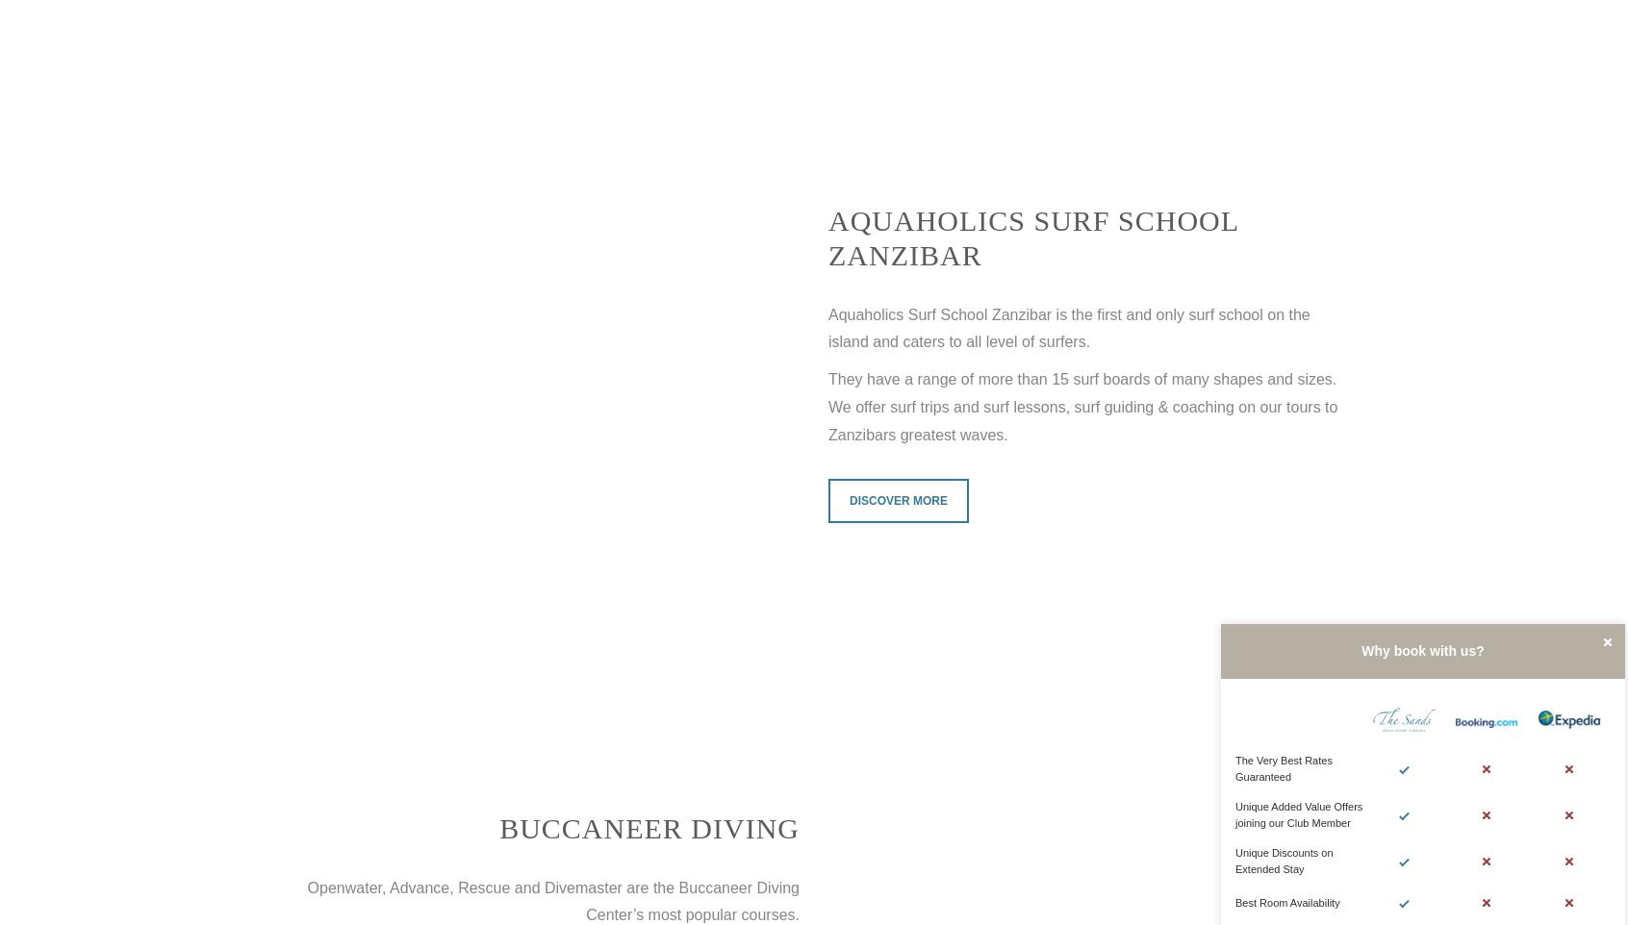 This screenshot has height=925, width=1628. What do you see at coordinates (898, 498) in the screenshot?
I see `'Discover more'` at bounding box center [898, 498].